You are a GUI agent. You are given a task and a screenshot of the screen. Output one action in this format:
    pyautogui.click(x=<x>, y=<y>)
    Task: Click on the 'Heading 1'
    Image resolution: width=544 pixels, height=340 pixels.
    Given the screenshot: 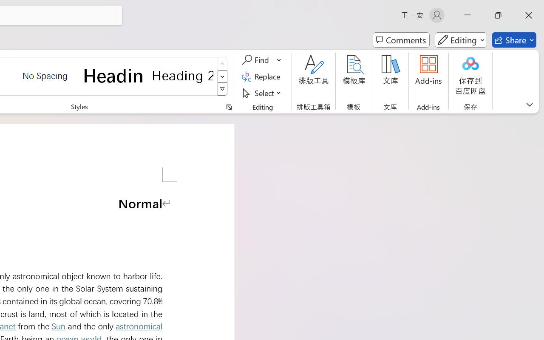 What is the action you would take?
    pyautogui.click(x=113, y=75)
    